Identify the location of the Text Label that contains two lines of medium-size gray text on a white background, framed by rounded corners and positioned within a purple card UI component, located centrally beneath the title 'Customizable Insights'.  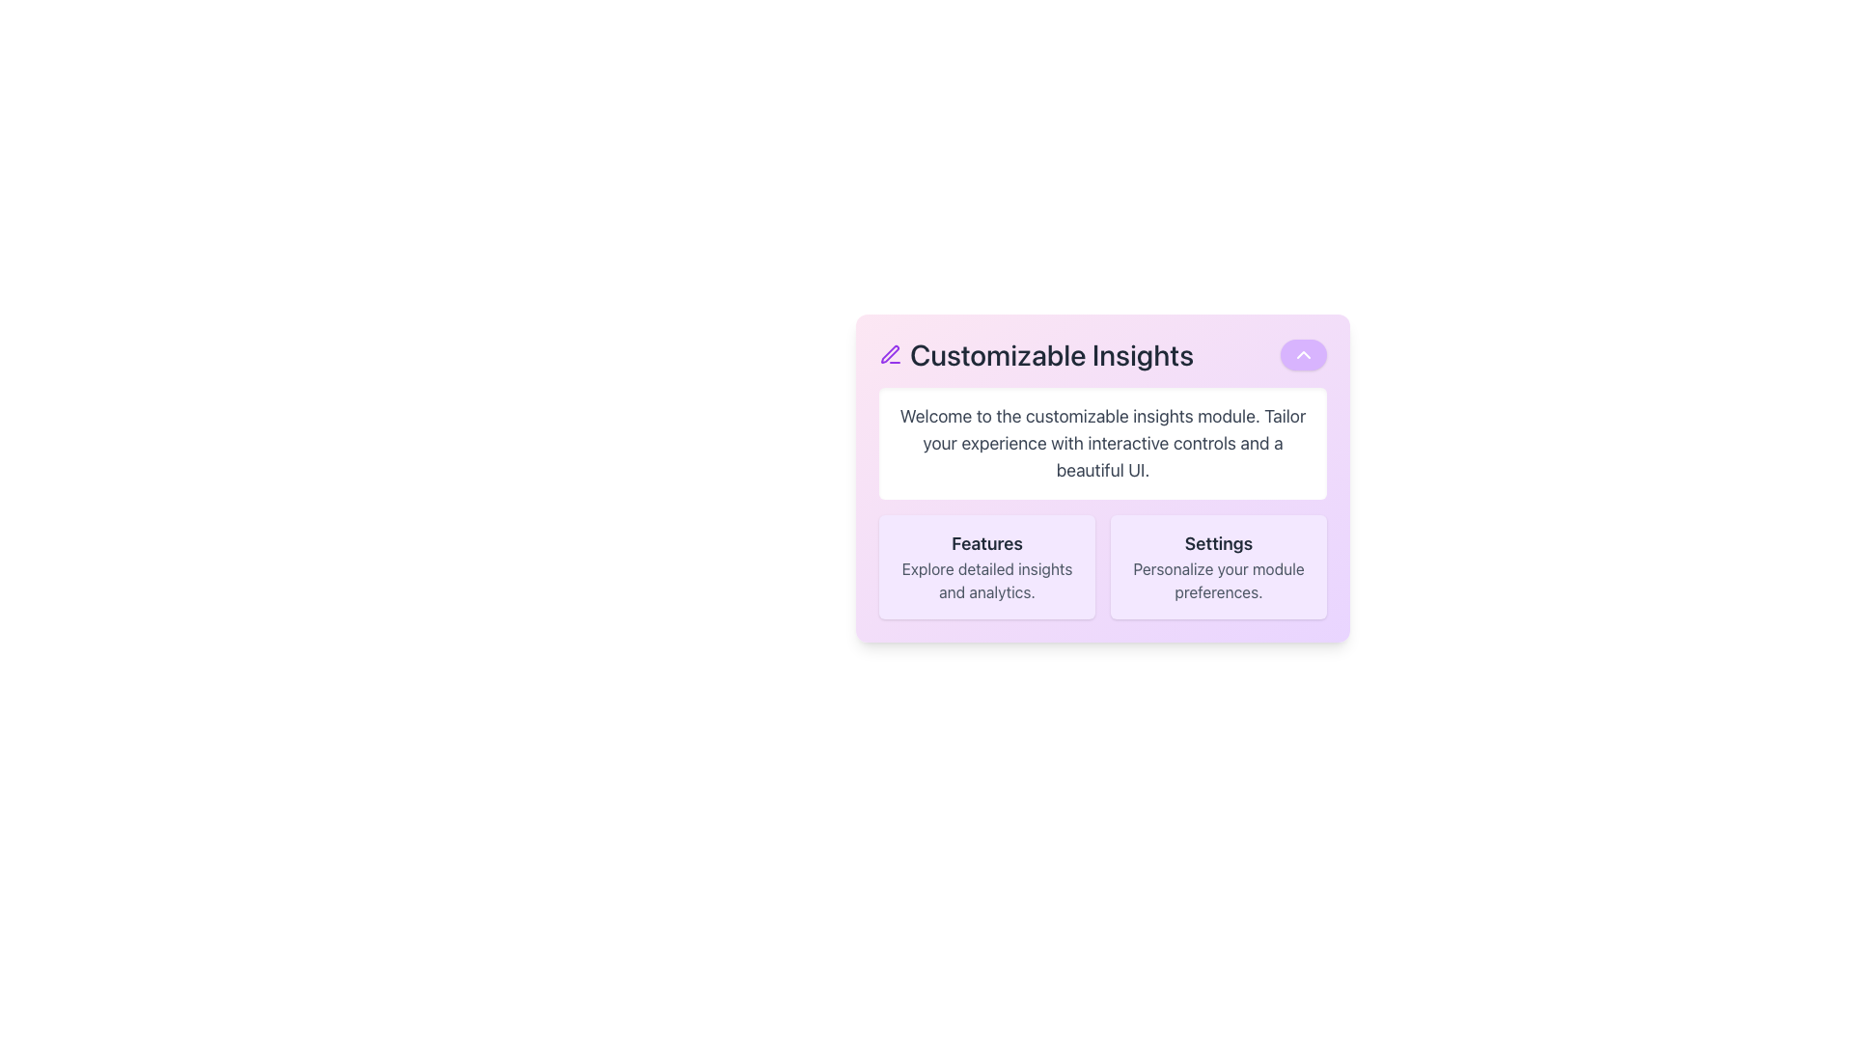
(1102, 443).